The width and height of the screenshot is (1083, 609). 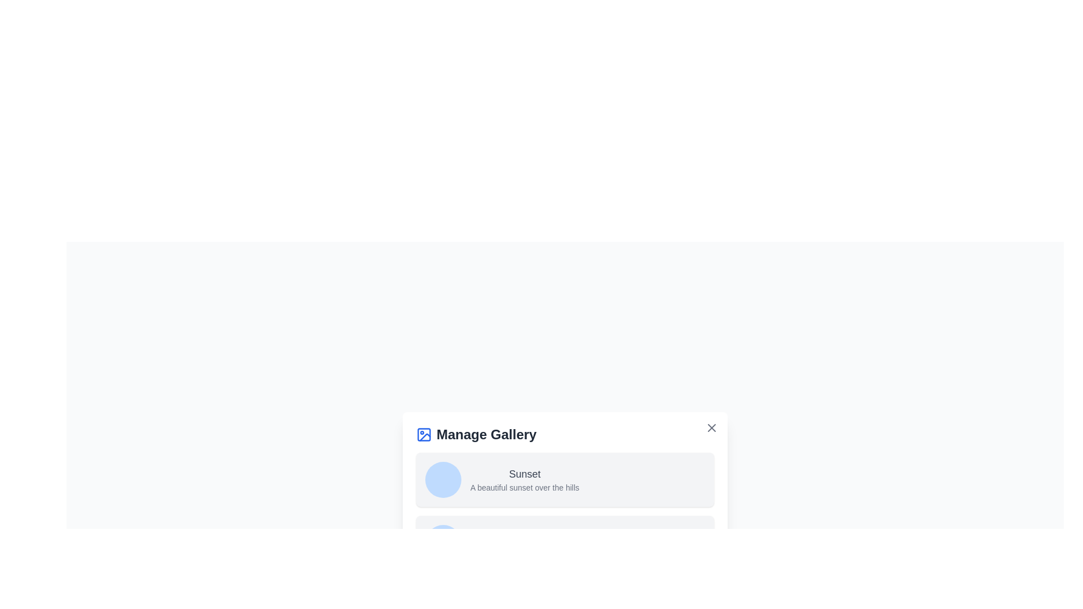 I want to click on the close button at the top-right corner of the dialog, so click(x=711, y=428).